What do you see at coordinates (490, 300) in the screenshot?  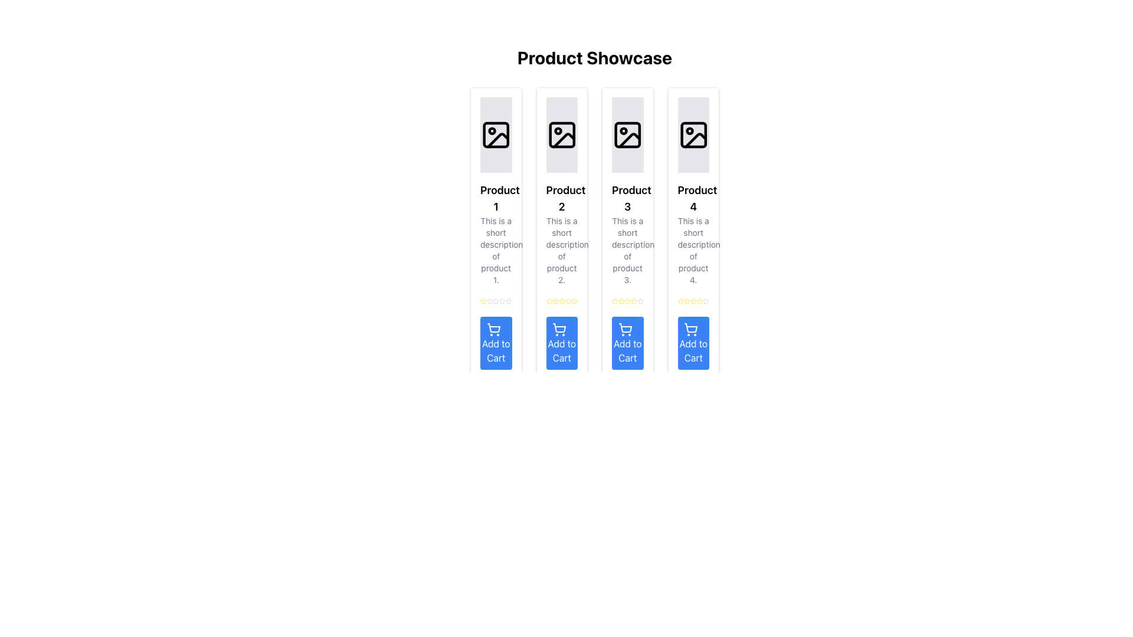 I see `the second star icon in the rating section of the first product card, which visually indicates a specific rating for the product` at bounding box center [490, 300].